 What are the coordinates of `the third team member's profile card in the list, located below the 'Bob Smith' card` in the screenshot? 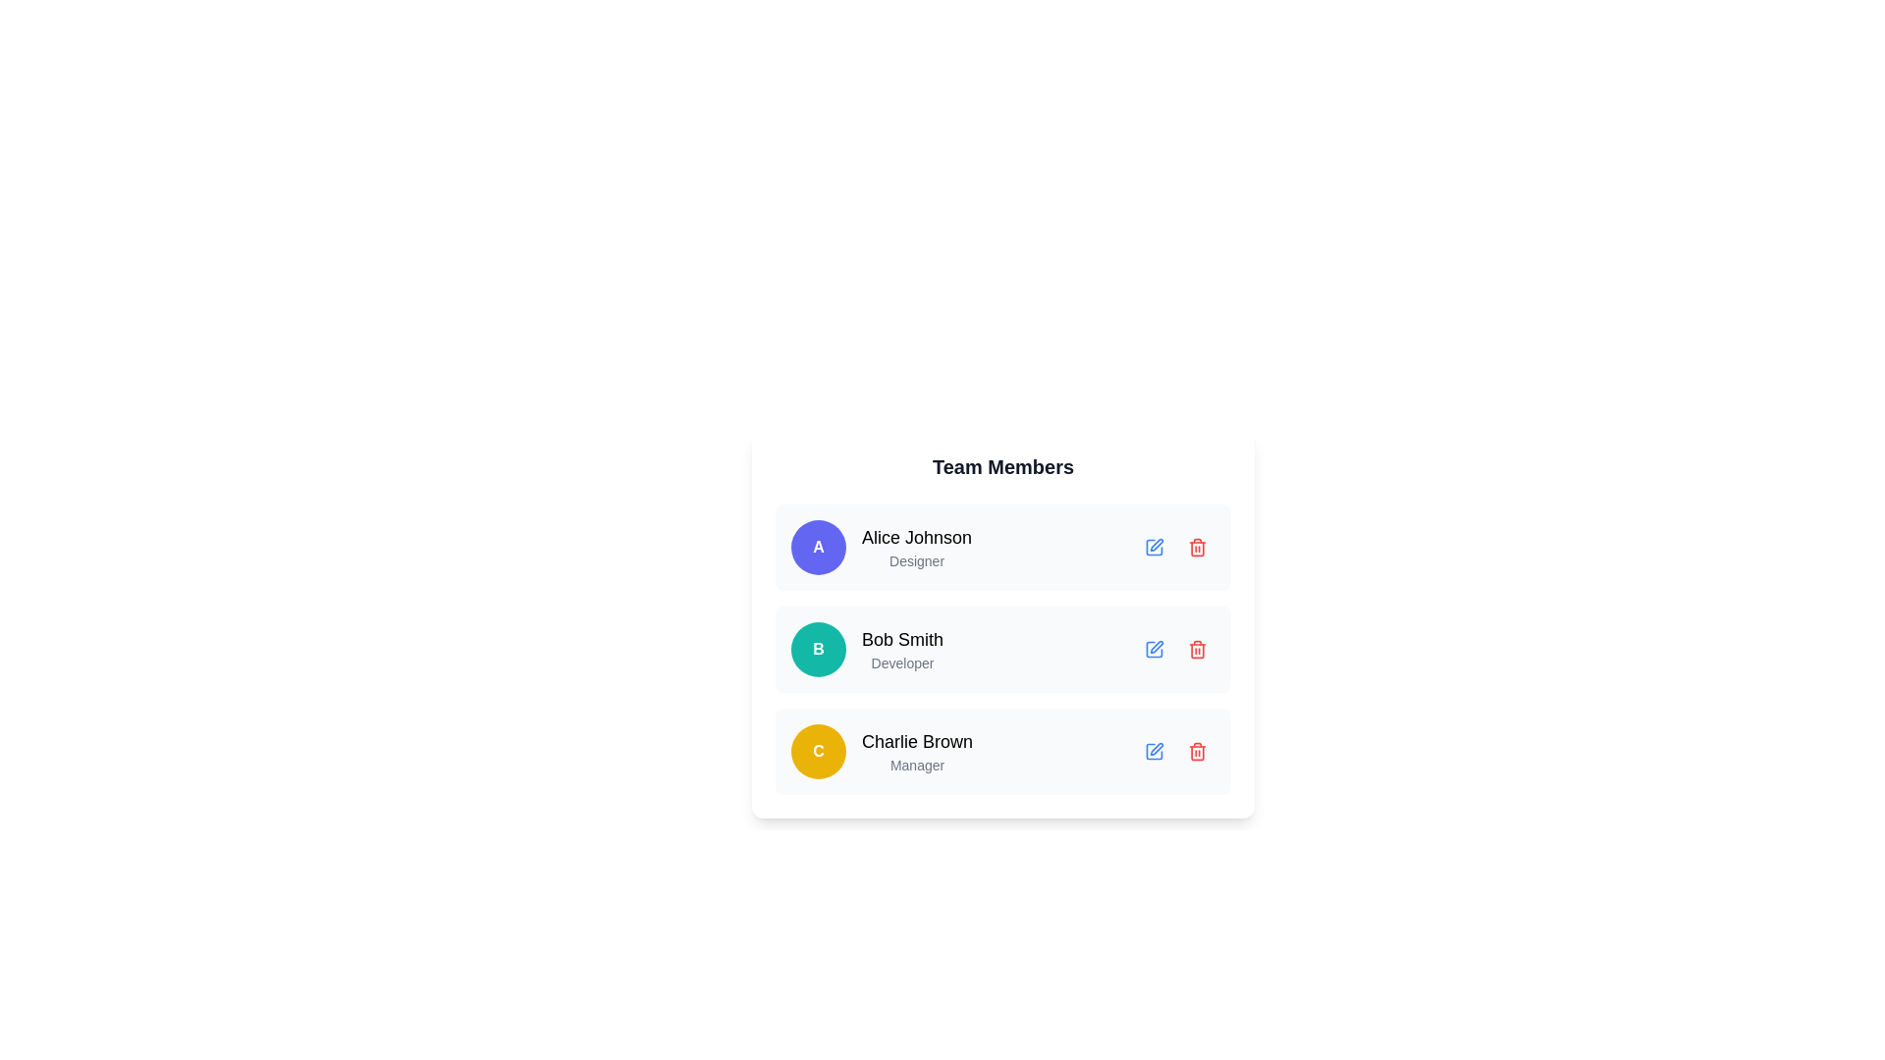 It's located at (1003, 751).